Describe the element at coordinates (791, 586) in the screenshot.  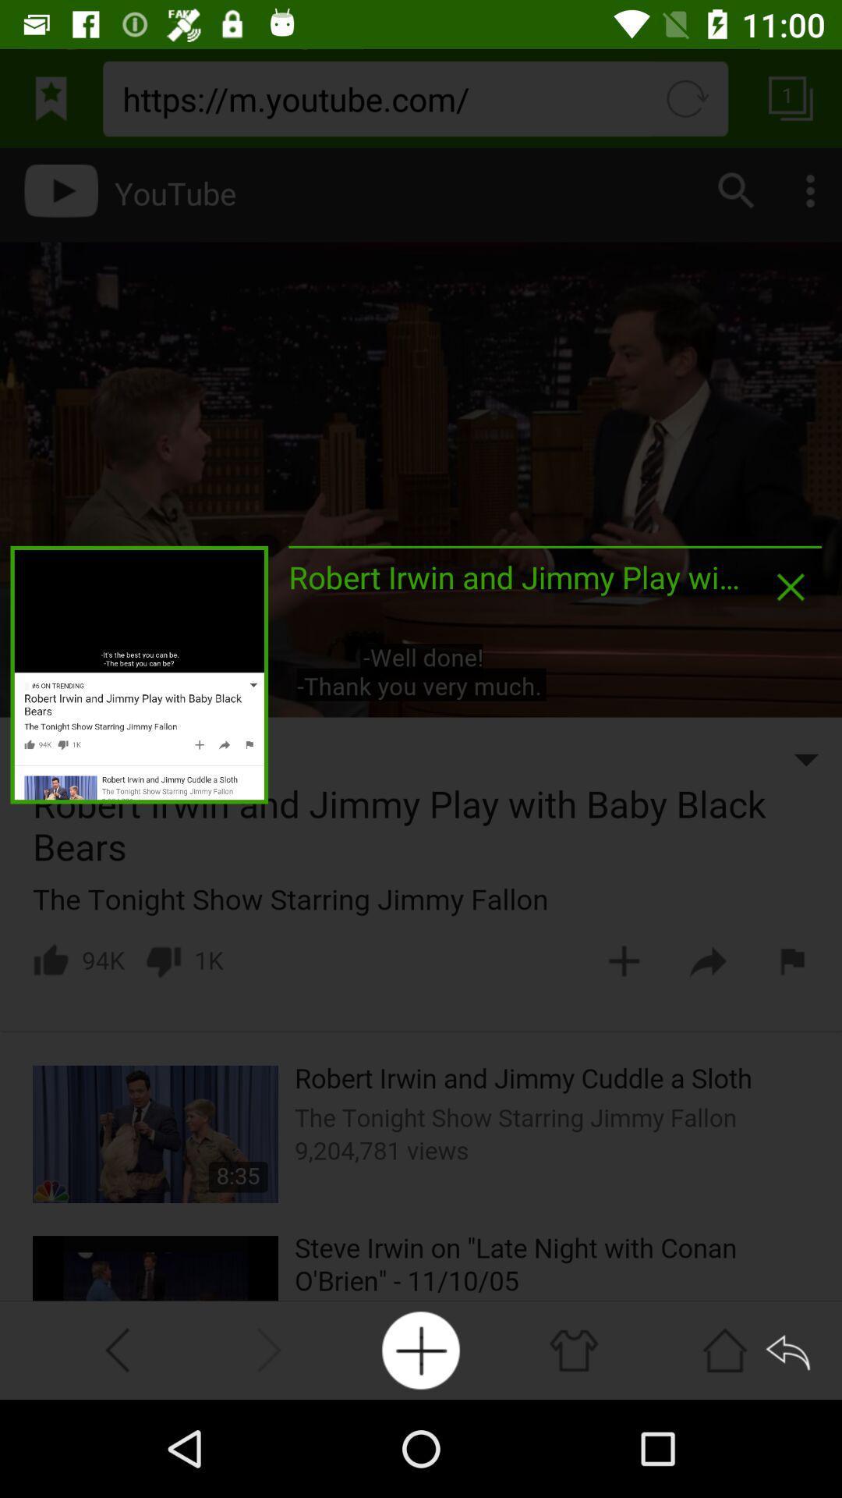
I see `window` at that location.